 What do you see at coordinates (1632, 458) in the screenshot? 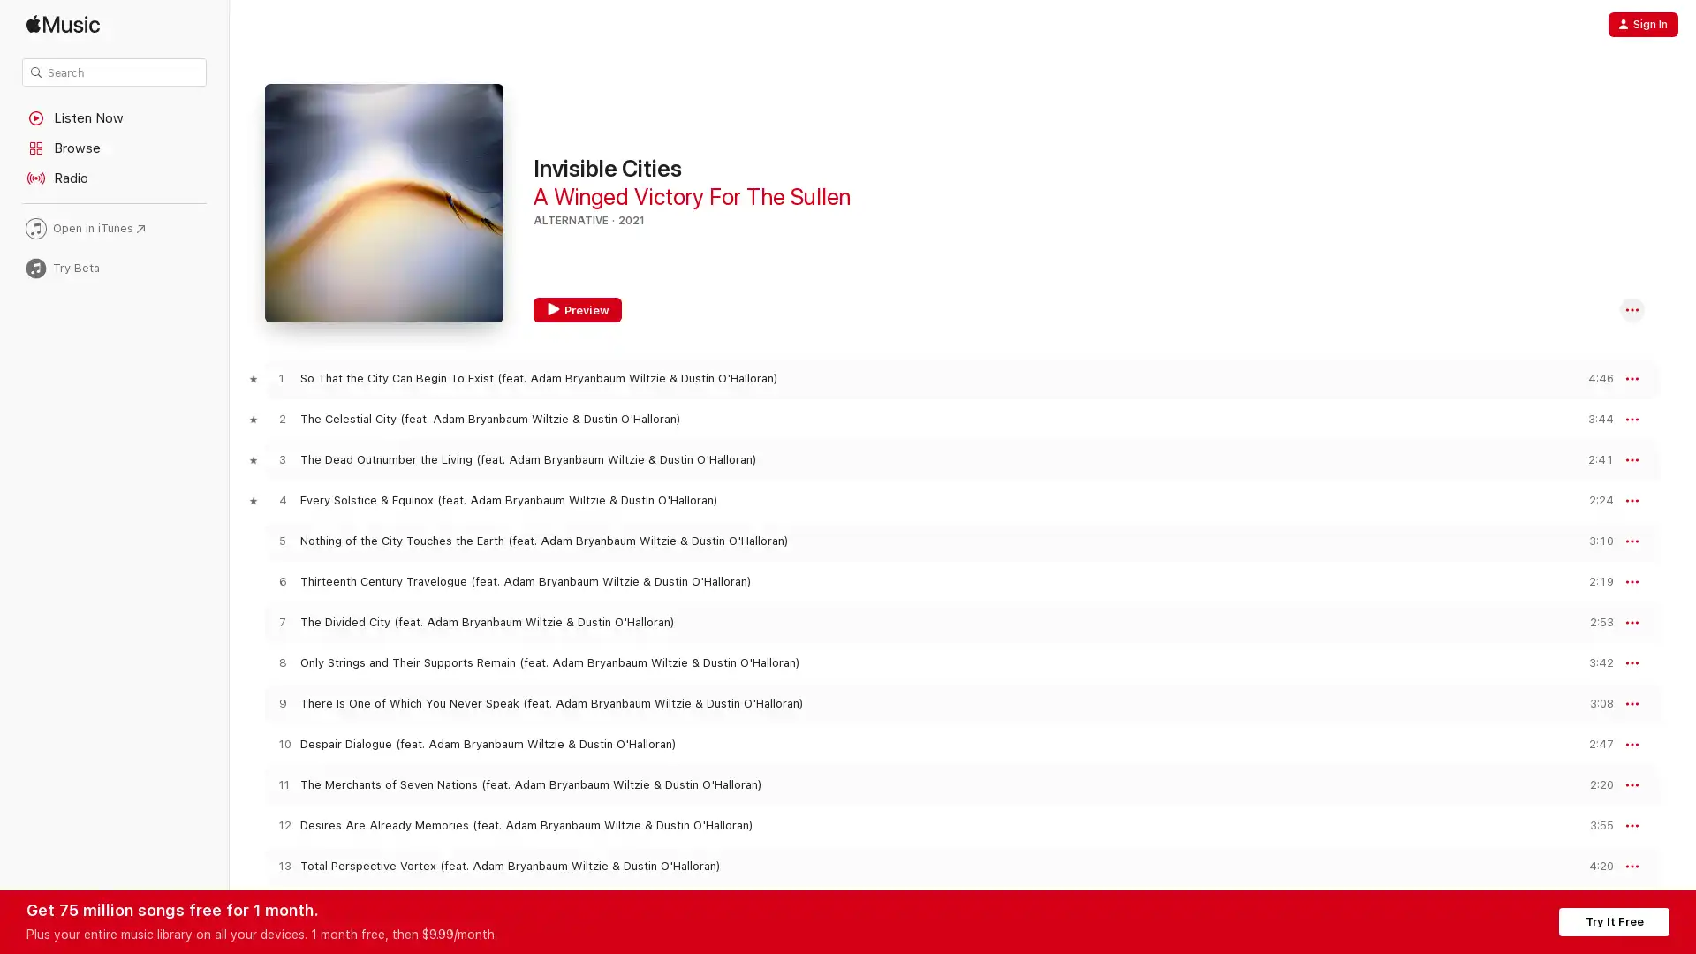
I see `More` at bounding box center [1632, 458].